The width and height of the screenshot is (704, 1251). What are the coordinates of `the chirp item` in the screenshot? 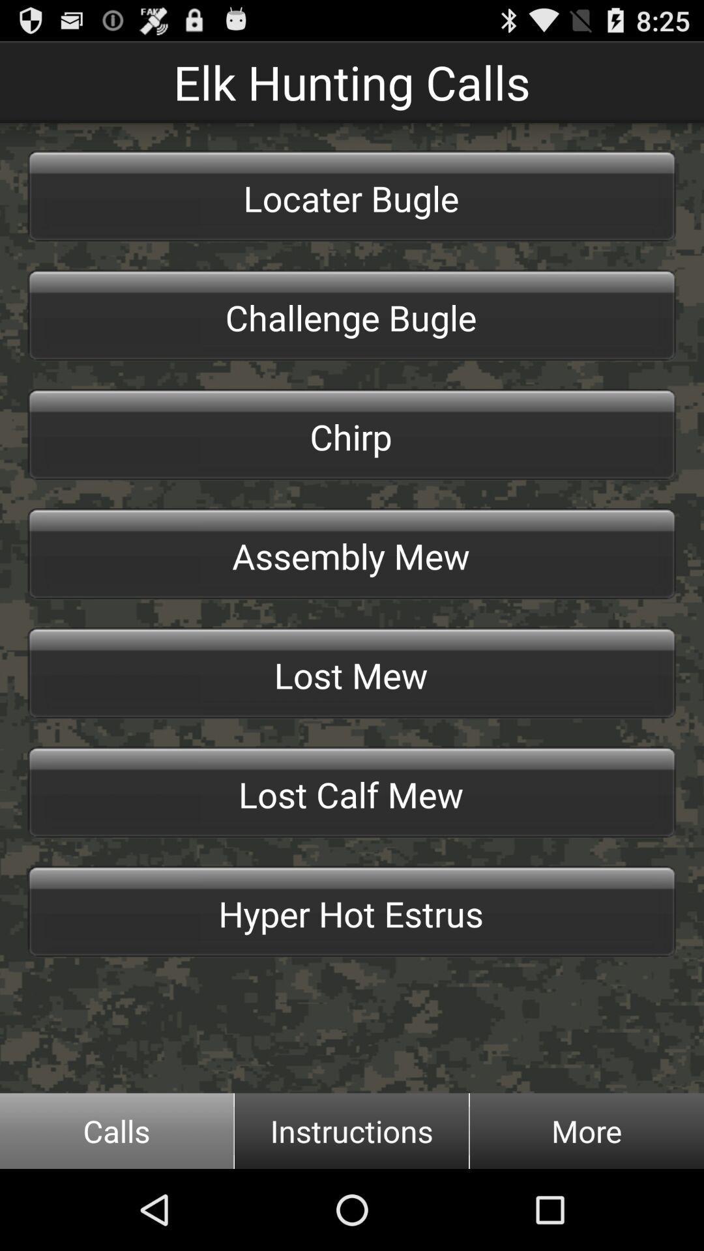 It's located at (352, 435).